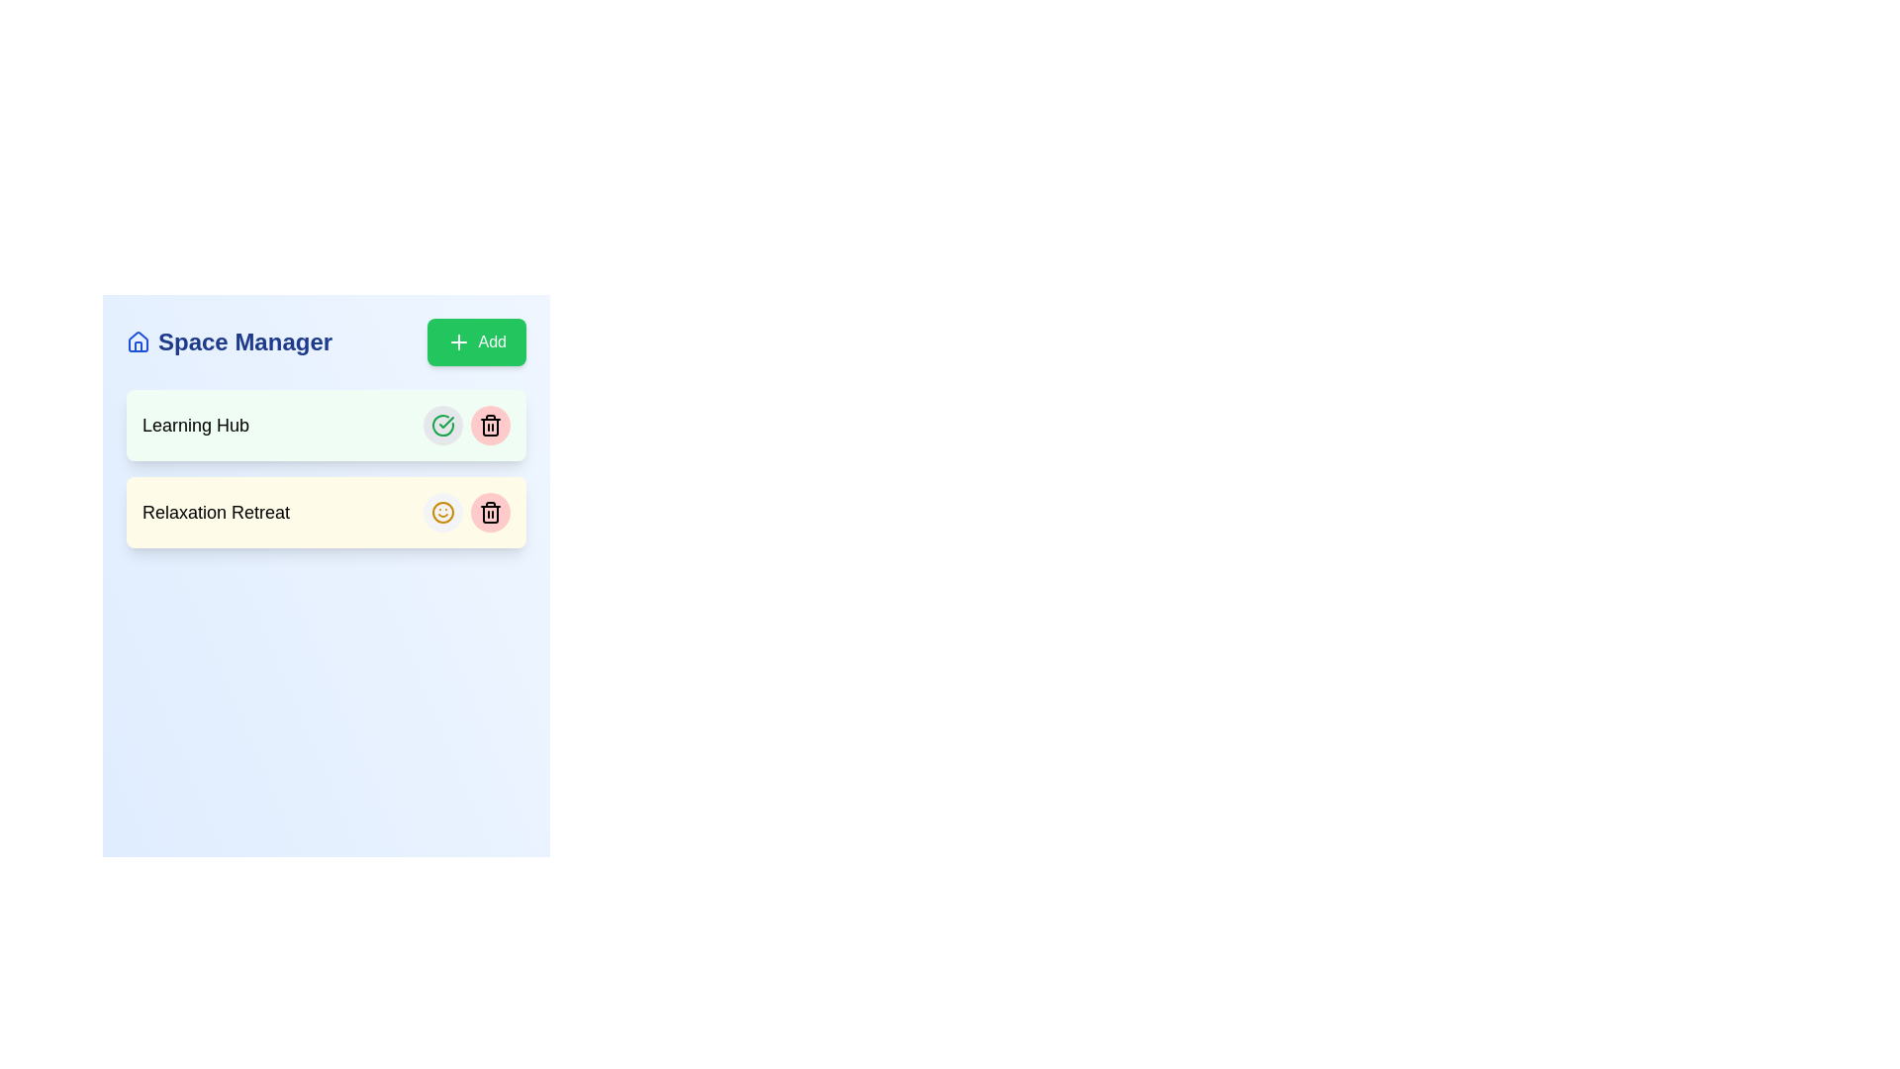 Image resolution: width=1900 pixels, height=1069 pixels. What do you see at coordinates (327, 341) in the screenshot?
I see `the header section titled 'Space Manager'` at bounding box center [327, 341].